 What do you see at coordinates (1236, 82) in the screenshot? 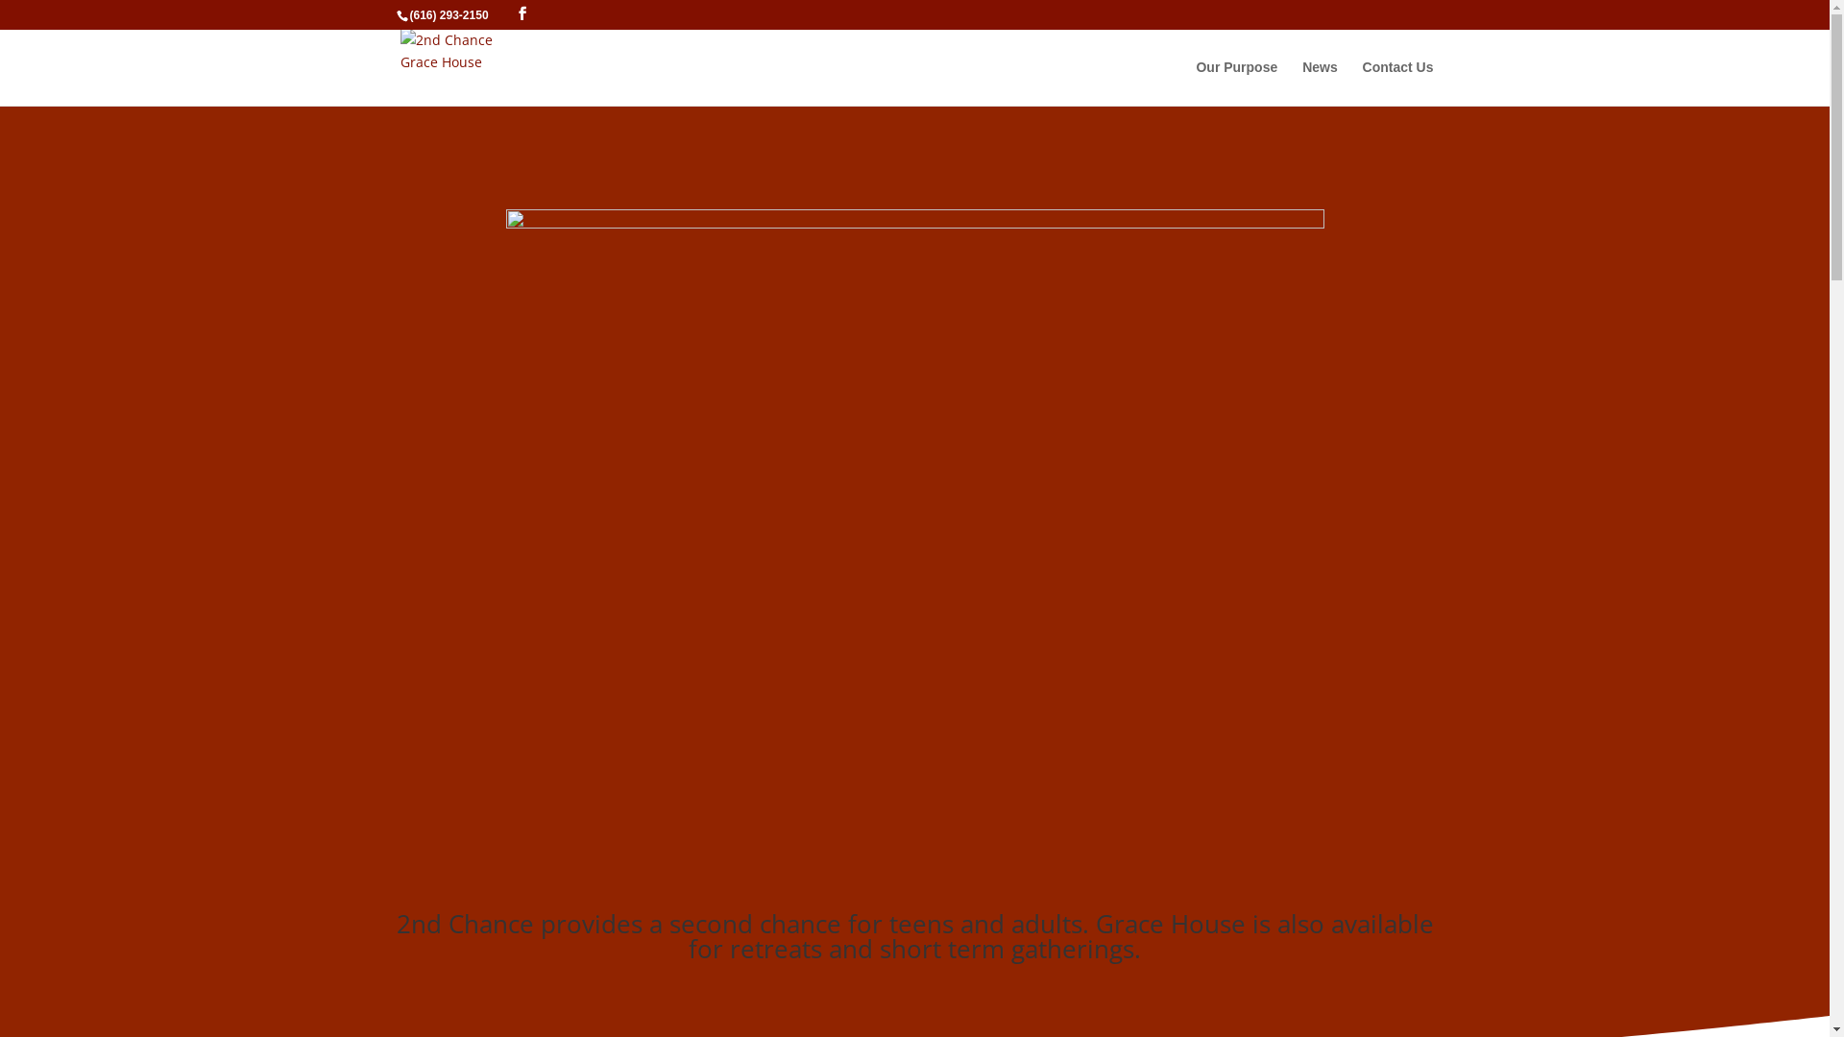
I see `'Our Purpose'` at bounding box center [1236, 82].